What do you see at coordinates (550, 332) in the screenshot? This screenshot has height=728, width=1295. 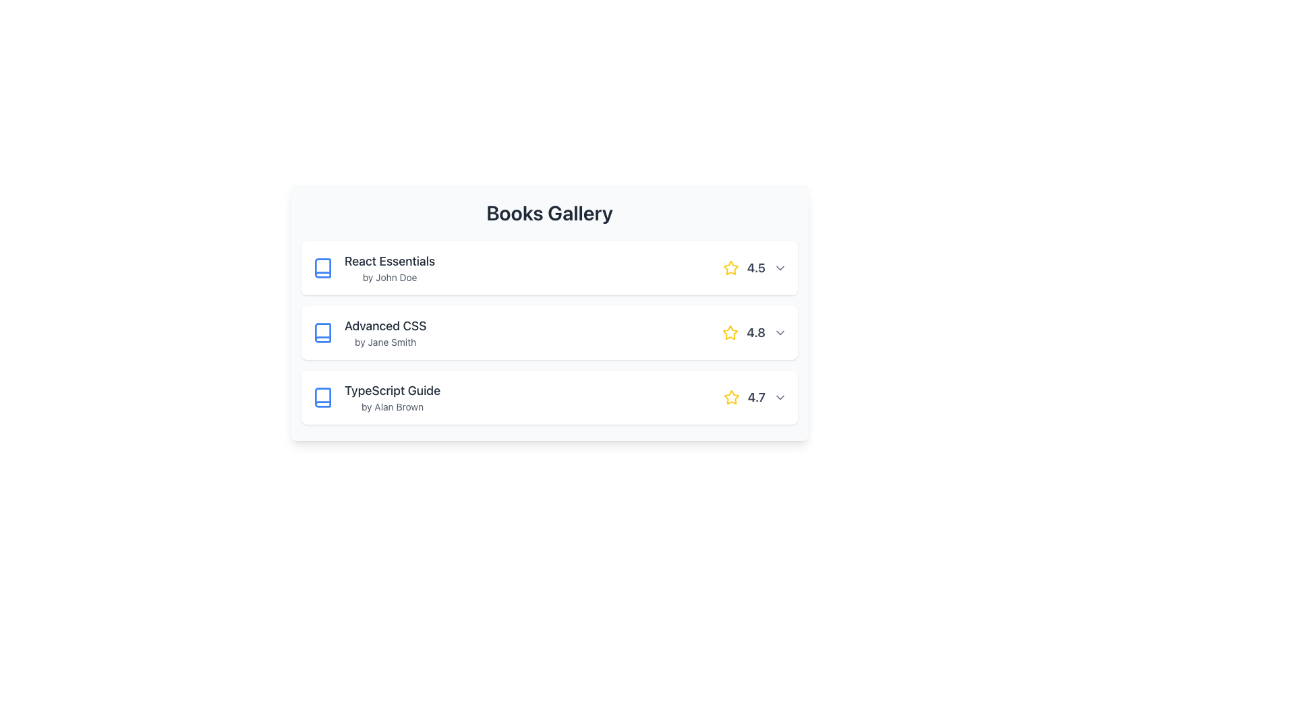 I see `the vertical list of book entries` at bounding box center [550, 332].